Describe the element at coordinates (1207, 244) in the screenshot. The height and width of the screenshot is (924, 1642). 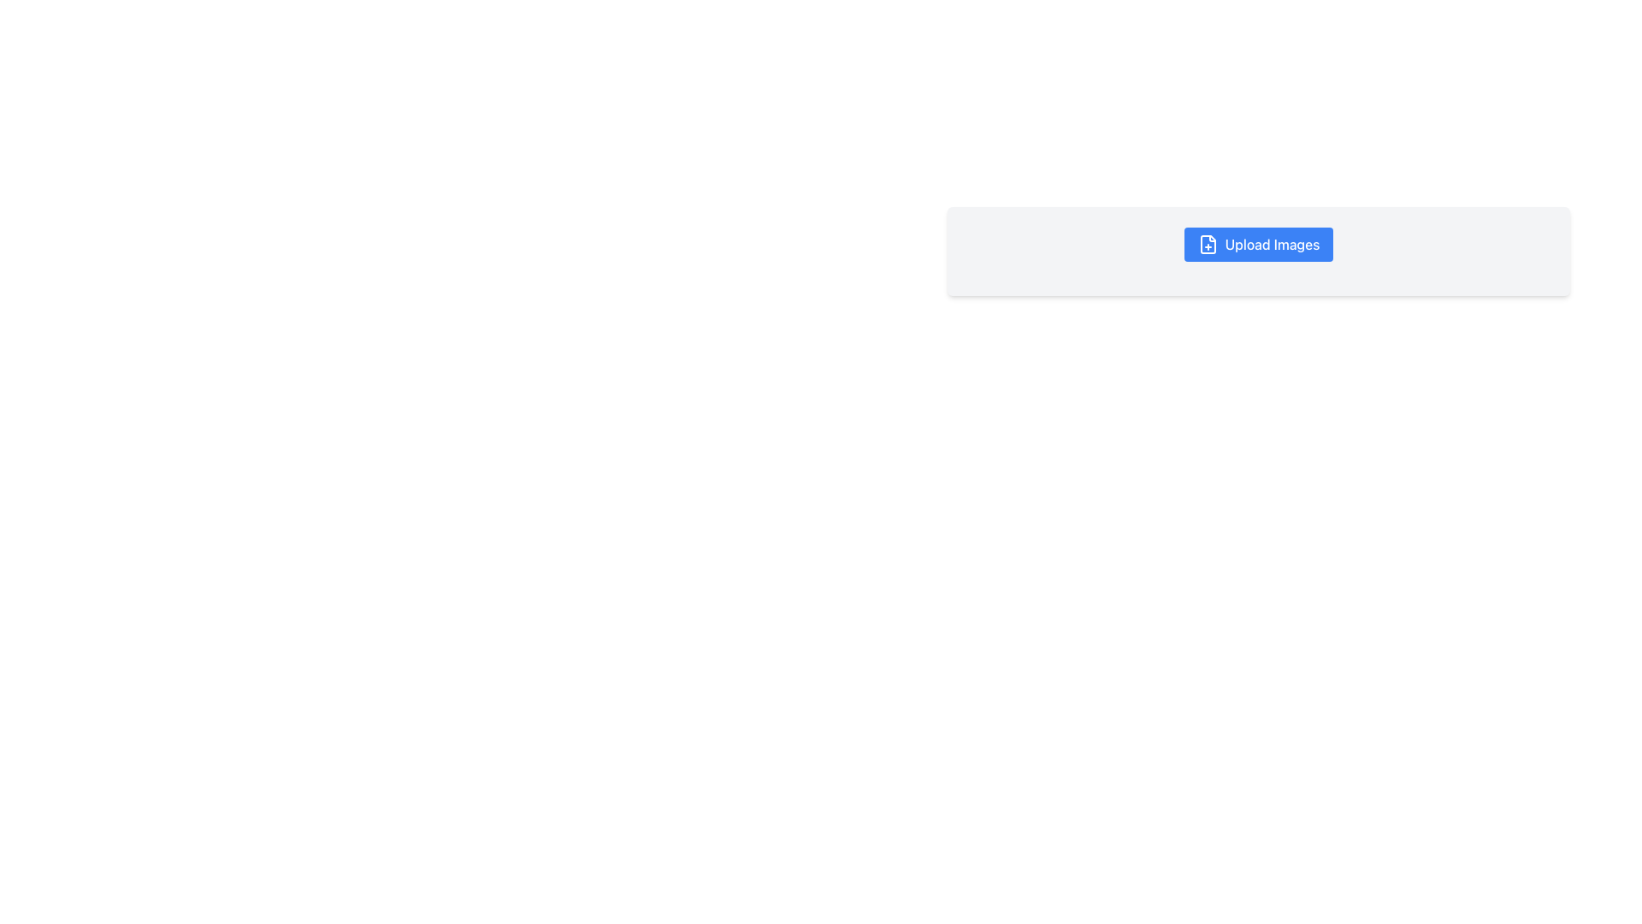
I see `the blue button labeled 'Upload Images' that contains the upload icon on its left side` at that location.